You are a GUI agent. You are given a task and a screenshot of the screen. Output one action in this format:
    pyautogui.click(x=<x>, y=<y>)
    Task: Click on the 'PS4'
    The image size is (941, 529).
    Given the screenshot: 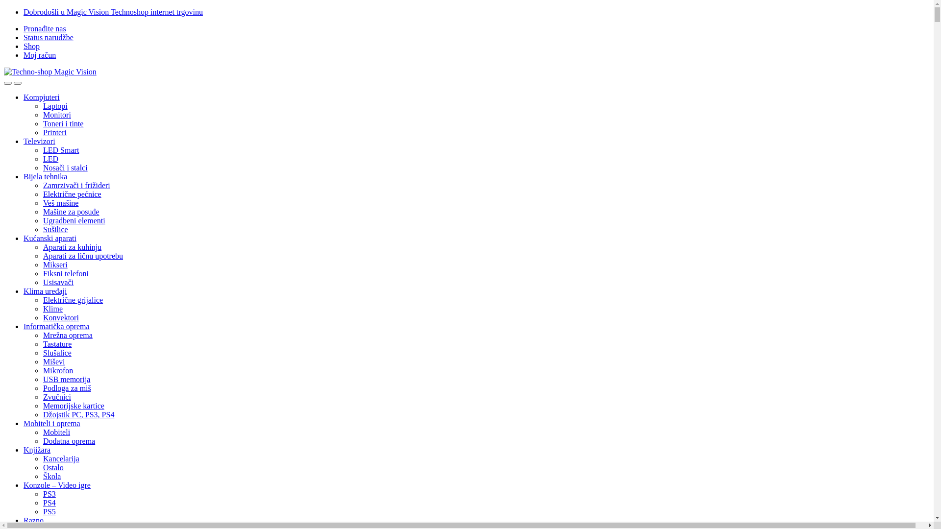 What is the action you would take?
    pyautogui.click(x=49, y=503)
    